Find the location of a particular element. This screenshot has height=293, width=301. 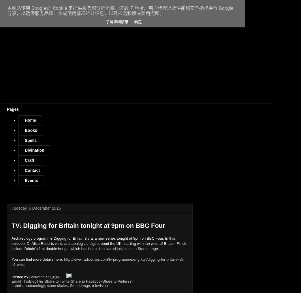

'at' is located at coordinates (45, 277).